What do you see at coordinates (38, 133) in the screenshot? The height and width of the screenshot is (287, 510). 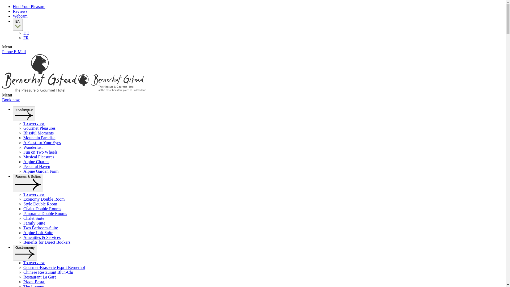 I see `'Blissful Moments'` at bounding box center [38, 133].